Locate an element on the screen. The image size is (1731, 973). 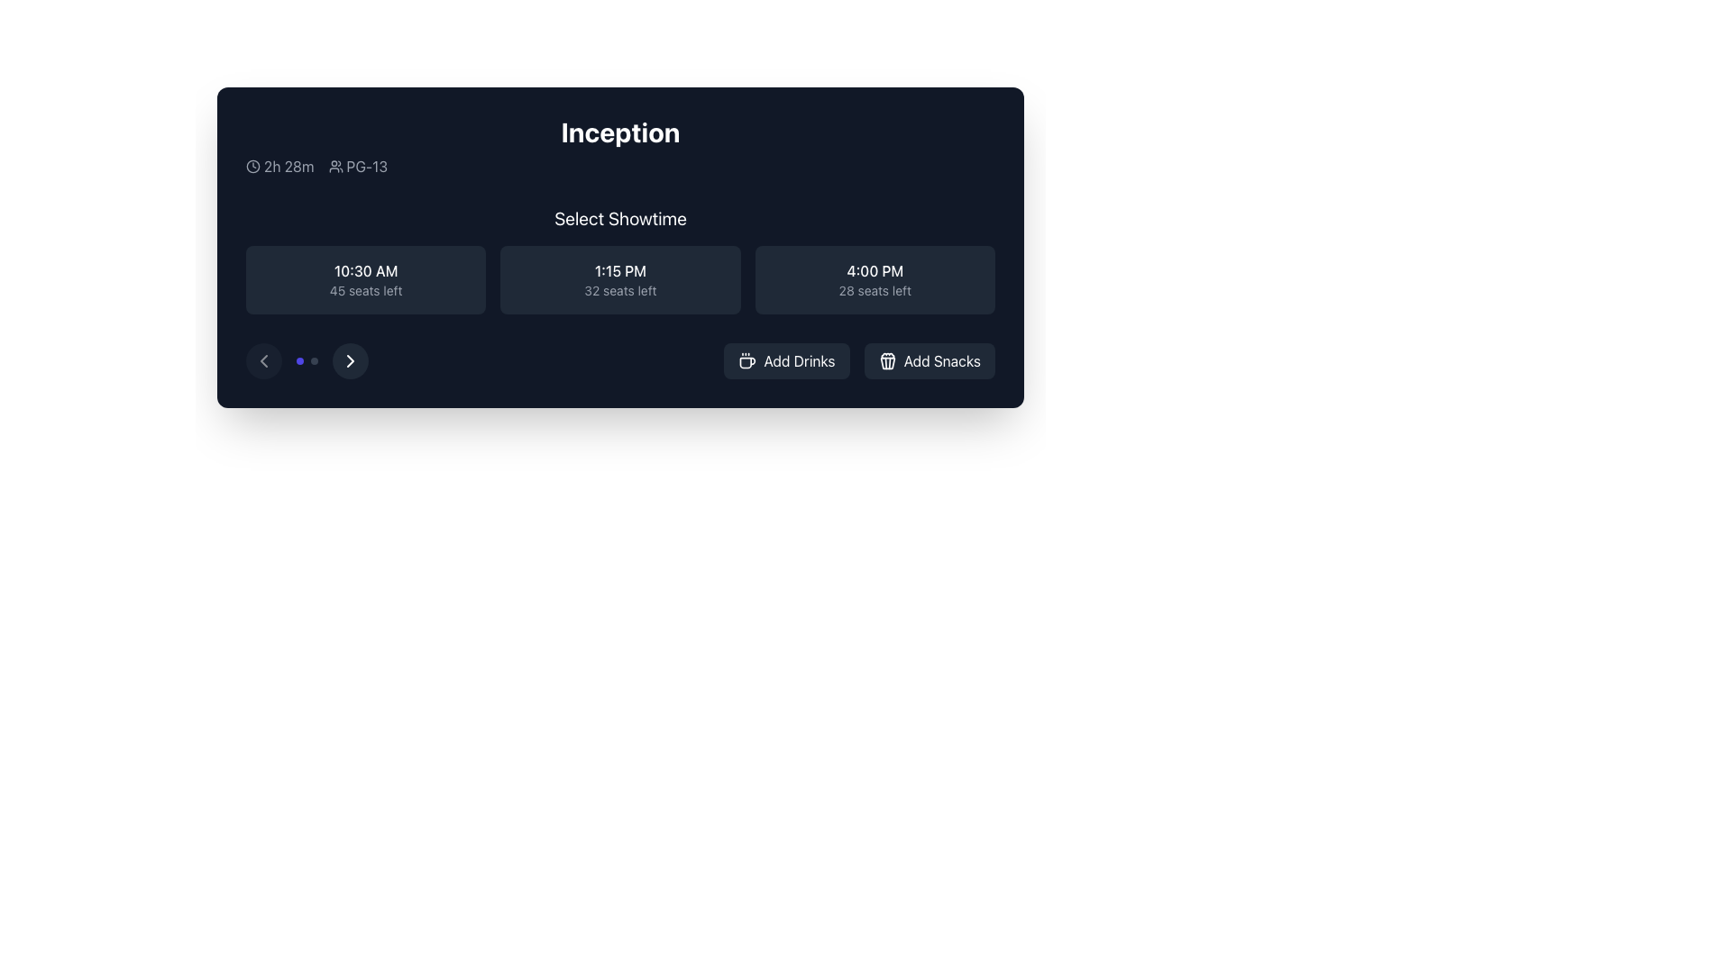
the 'Add Drinks' button in the Grouped Buttons section located near the bottom-right of the movie information card is located at coordinates (858, 361).